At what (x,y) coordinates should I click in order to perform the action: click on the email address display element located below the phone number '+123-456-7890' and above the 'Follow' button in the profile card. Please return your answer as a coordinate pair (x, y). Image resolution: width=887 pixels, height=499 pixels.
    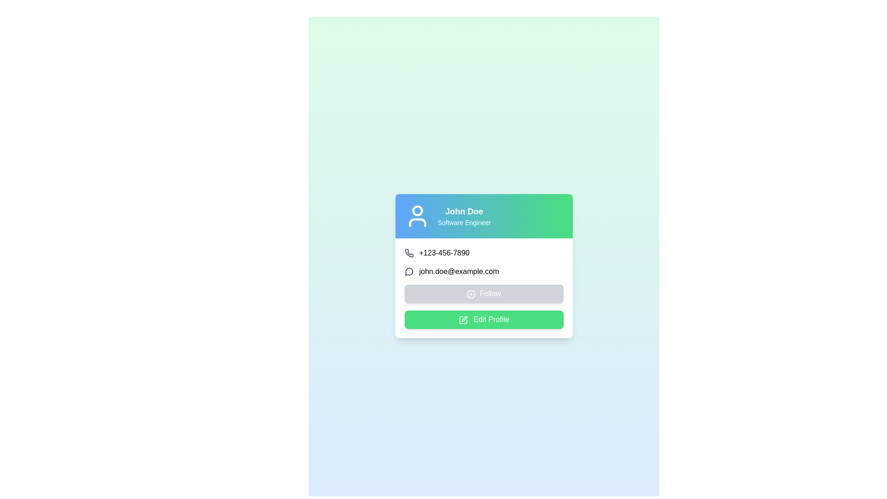
    Looking at the image, I should click on (483, 271).